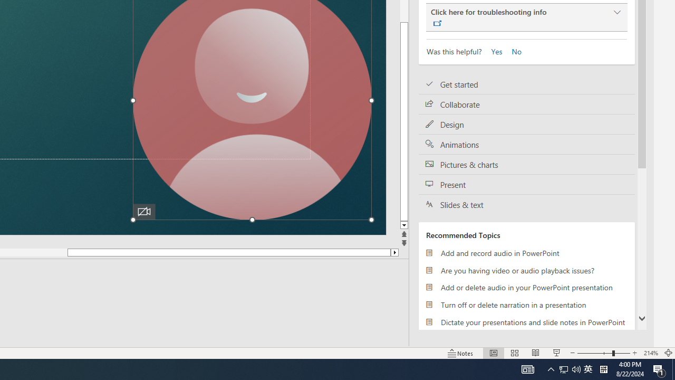 The image size is (675, 380). I want to click on 'Slides & text', so click(527, 204).